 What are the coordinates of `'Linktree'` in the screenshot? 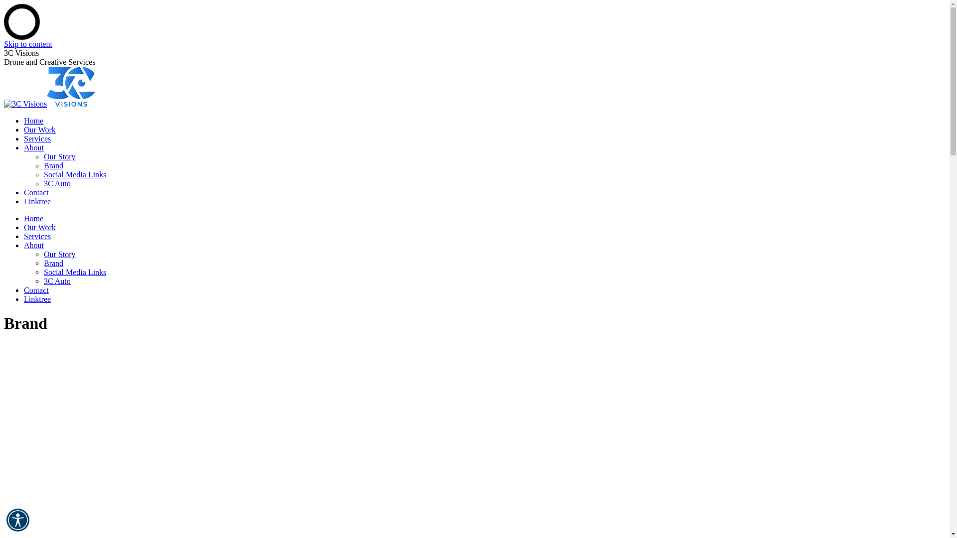 It's located at (37, 298).